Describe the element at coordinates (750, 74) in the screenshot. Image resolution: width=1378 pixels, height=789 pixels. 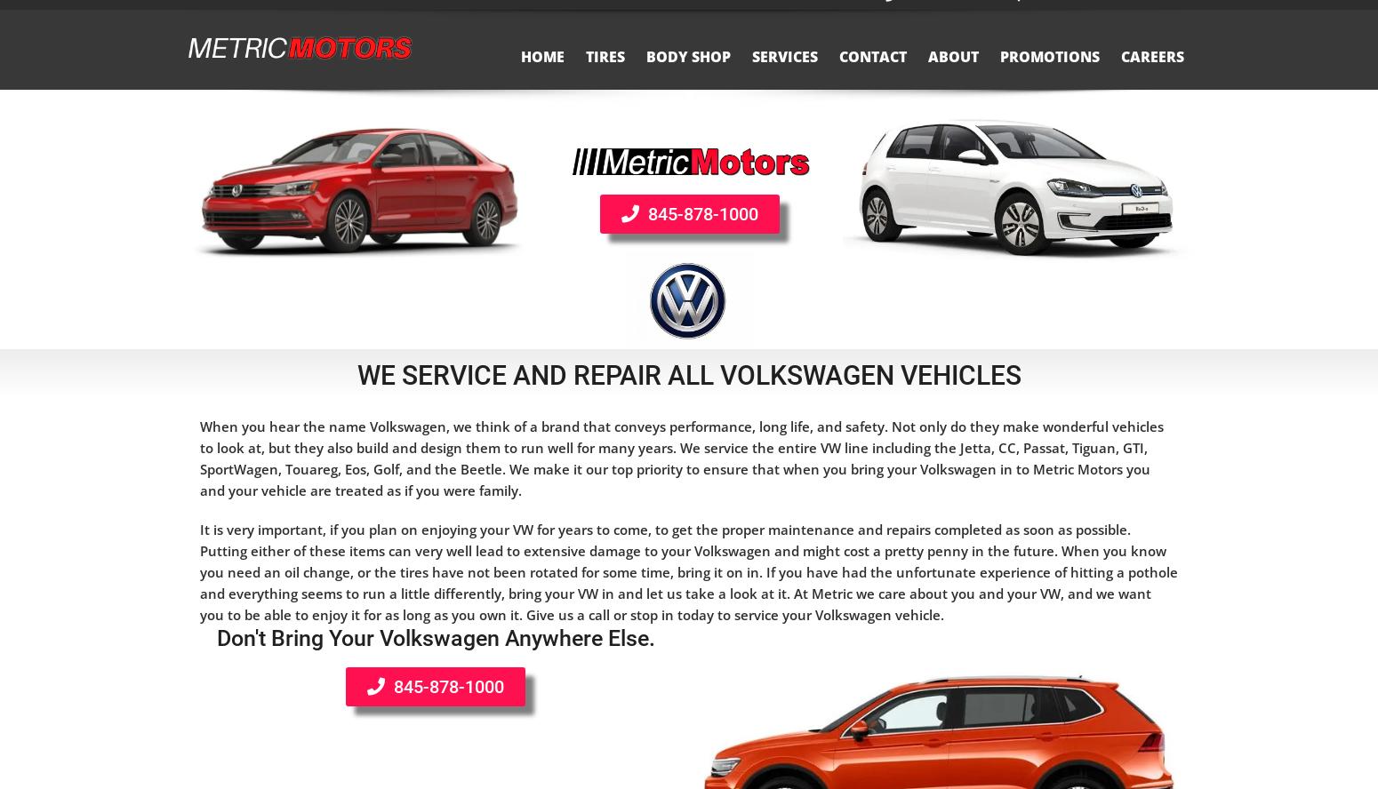
I see `'Services'` at that location.